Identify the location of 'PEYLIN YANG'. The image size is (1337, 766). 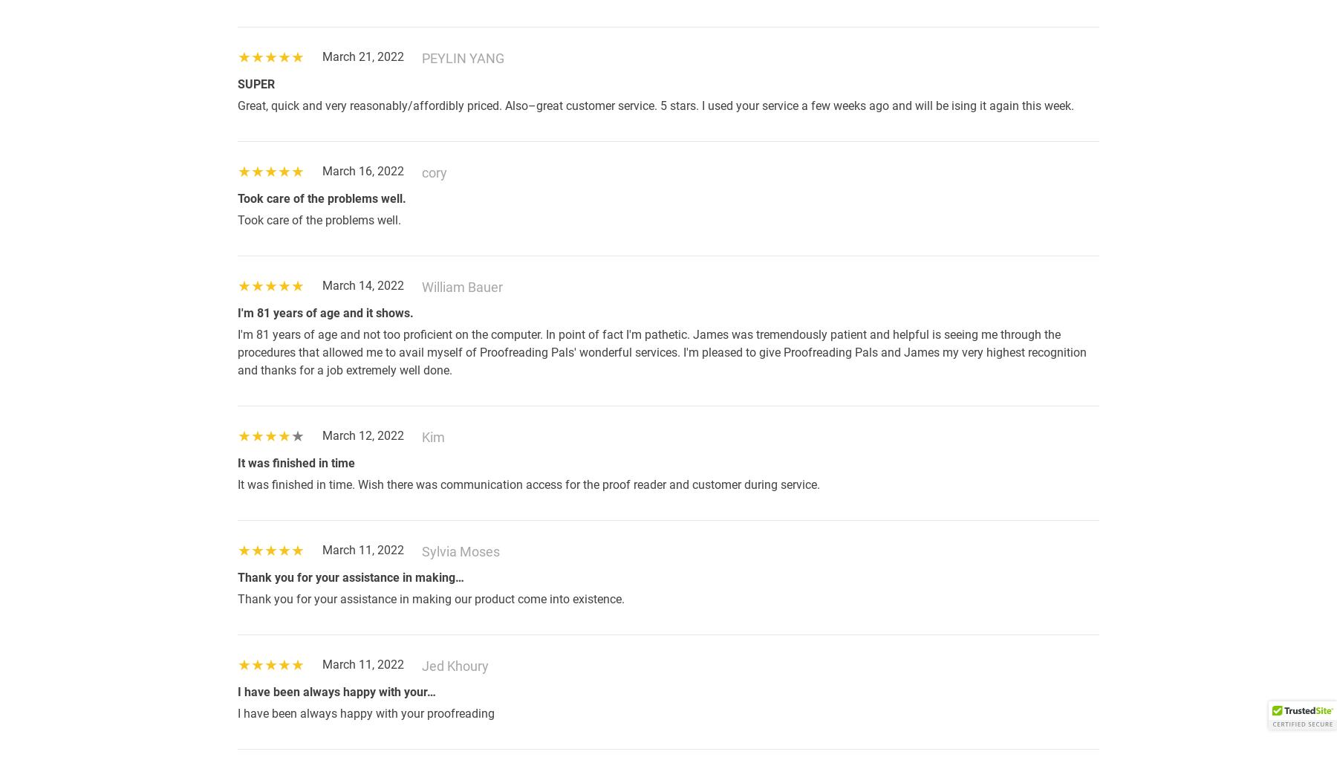
(463, 58).